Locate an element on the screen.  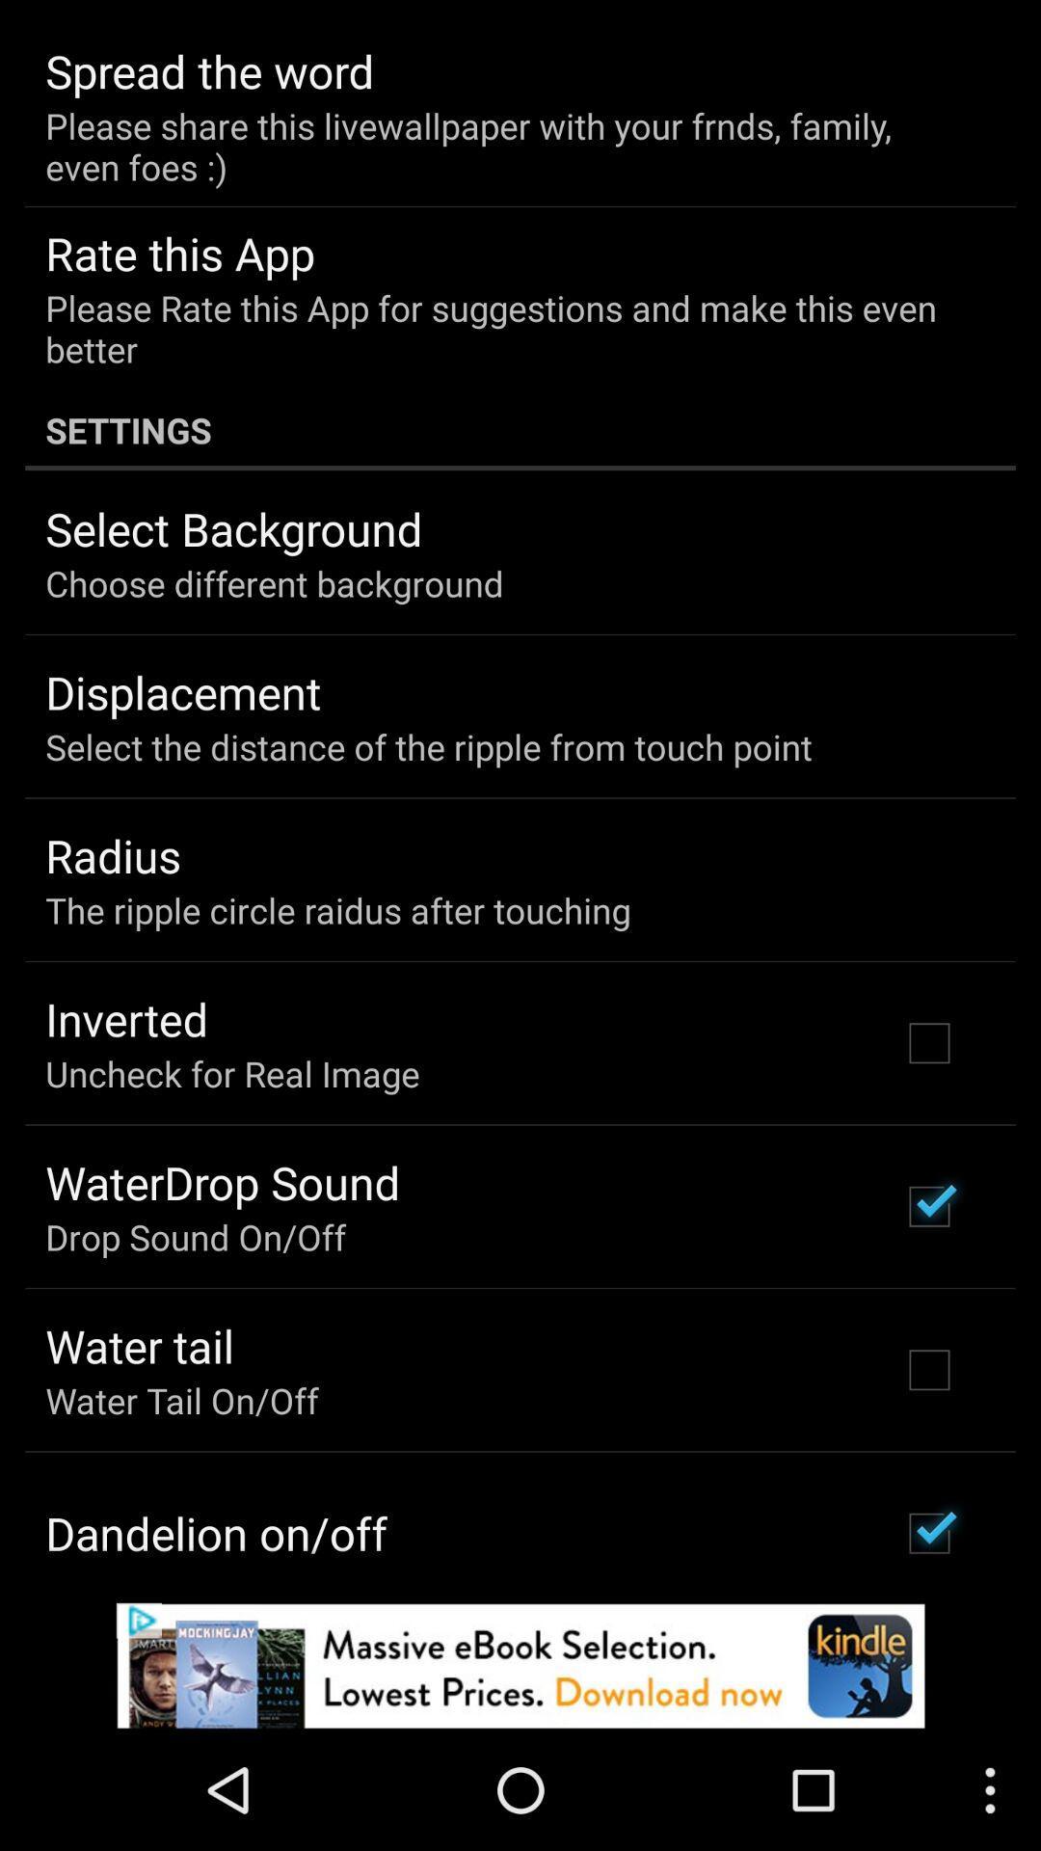
advertisement is located at coordinates (520, 1665).